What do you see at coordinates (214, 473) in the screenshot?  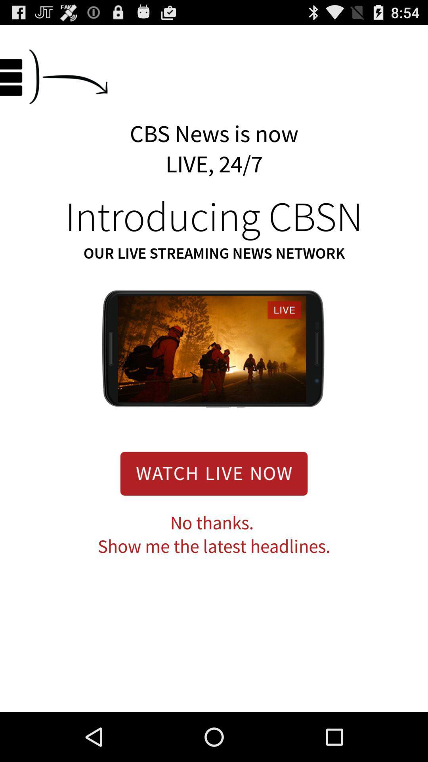 I see `watch live` at bounding box center [214, 473].